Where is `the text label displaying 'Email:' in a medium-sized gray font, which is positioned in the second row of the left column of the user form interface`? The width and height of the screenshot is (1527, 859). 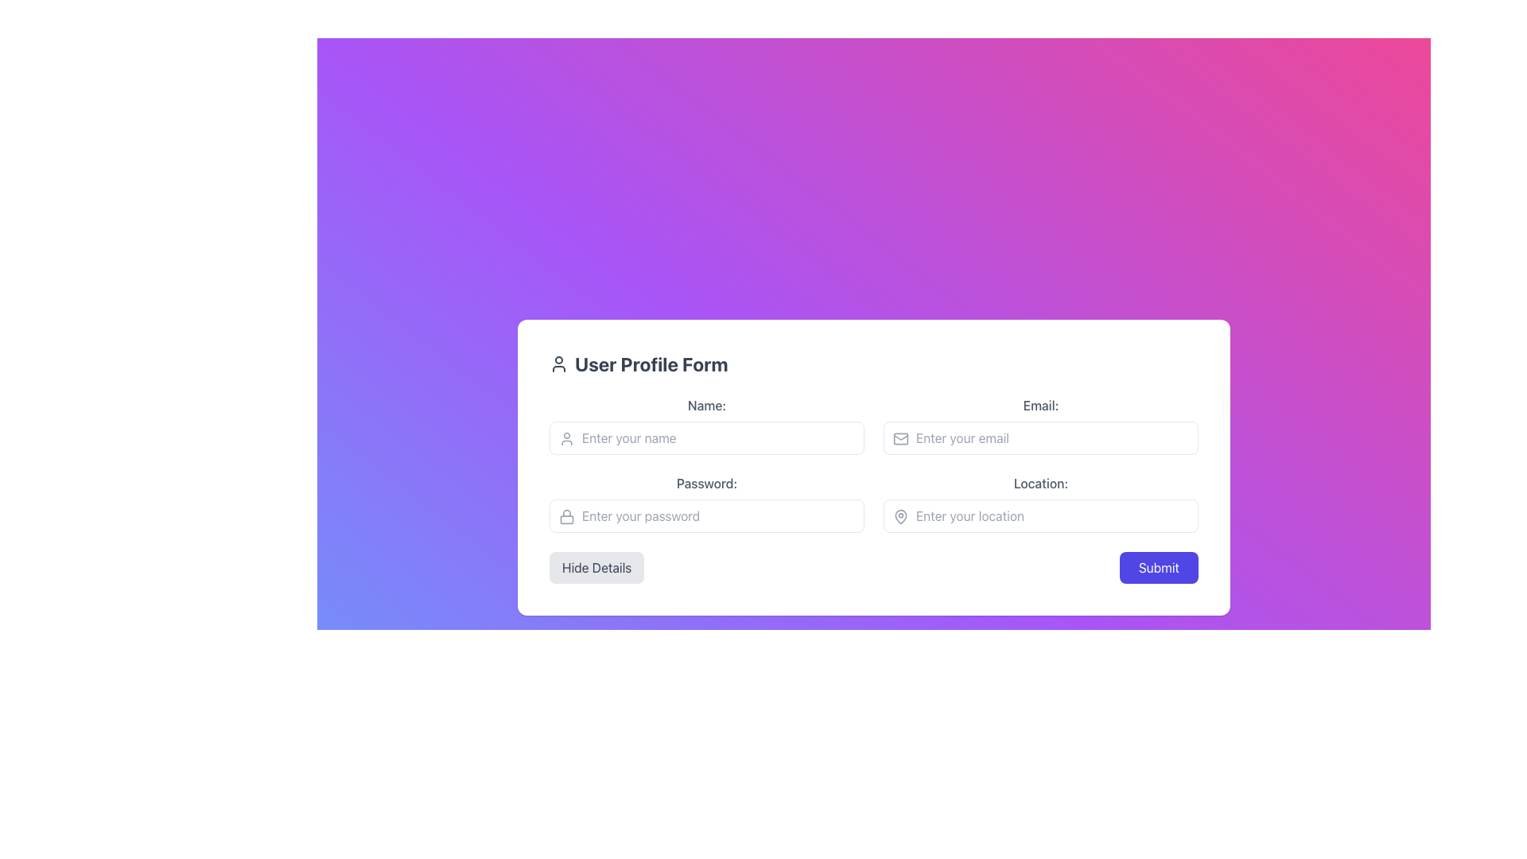 the text label displaying 'Email:' in a medium-sized gray font, which is positioned in the second row of the left column of the user form interface is located at coordinates (1041, 404).